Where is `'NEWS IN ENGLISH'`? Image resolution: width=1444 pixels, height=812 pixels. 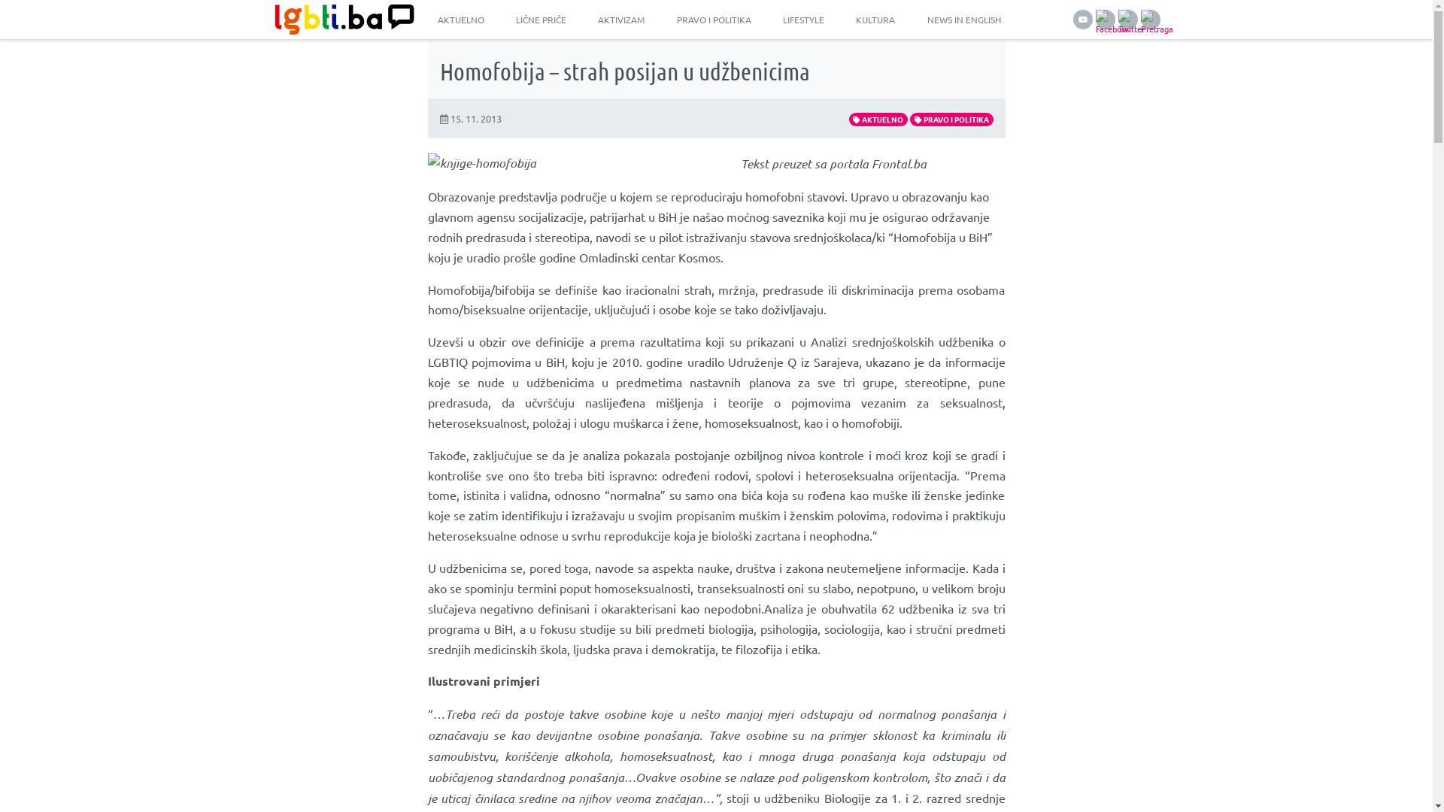
'NEWS IN ENGLISH' is located at coordinates (963, 20).